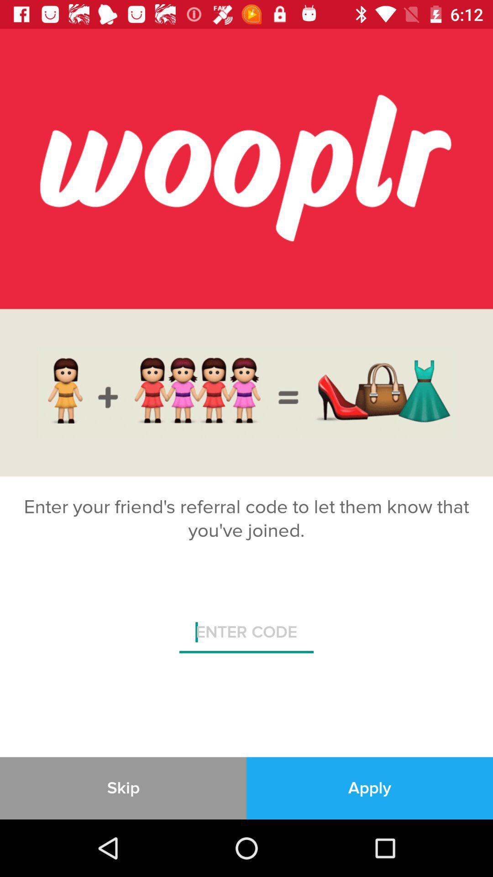 The height and width of the screenshot is (877, 493). Describe the element at coordinates (370, 787) in the screenshot. I see `item to the right of skip` at that location.